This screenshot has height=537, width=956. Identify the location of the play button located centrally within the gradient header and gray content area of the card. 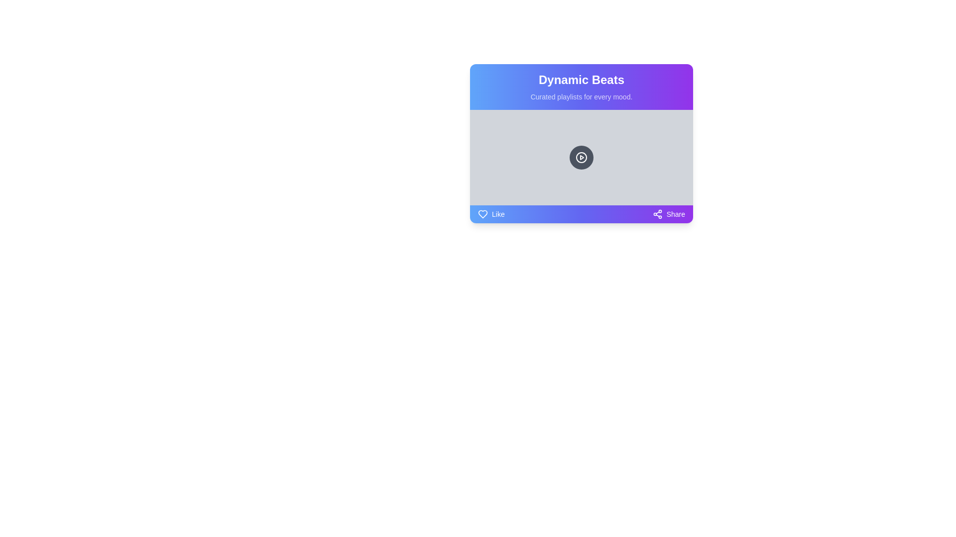
(581, 157).